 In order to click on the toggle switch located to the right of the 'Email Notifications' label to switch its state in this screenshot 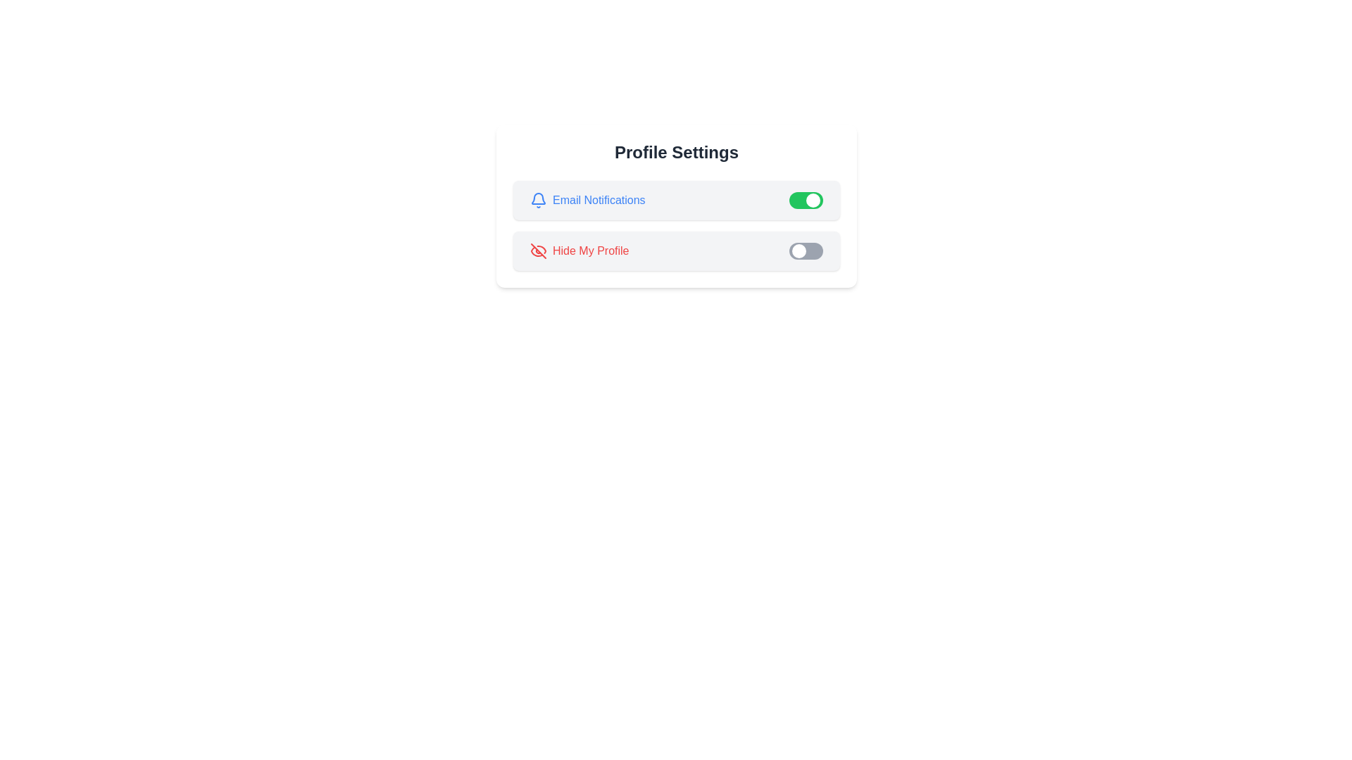, I will do `click(806, 201)`.